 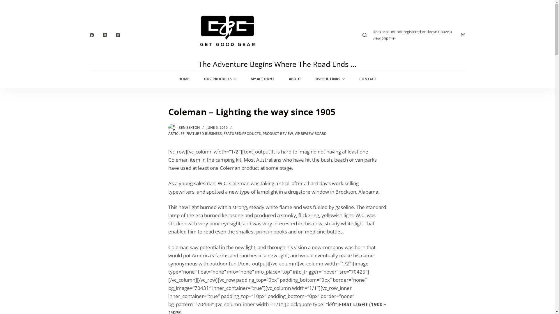 I want to click on 'VIP REVIEW BOARD', so click(x=310, y=133).